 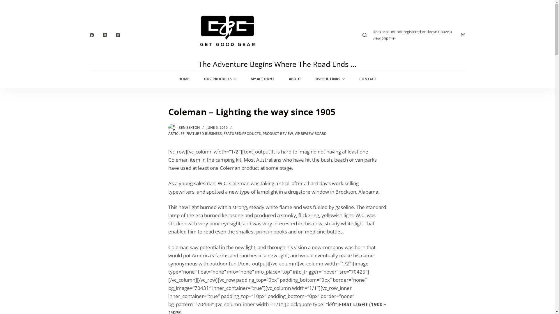 I want to click on 'VIP REVIEW BOARD', so click(x=310, y=133).